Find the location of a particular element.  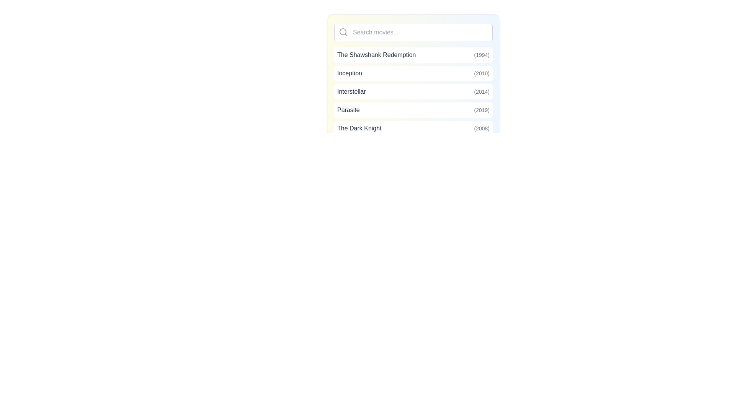

the first list item titled 'The Shawshank Redemption' is located at coordinates (413, 54).